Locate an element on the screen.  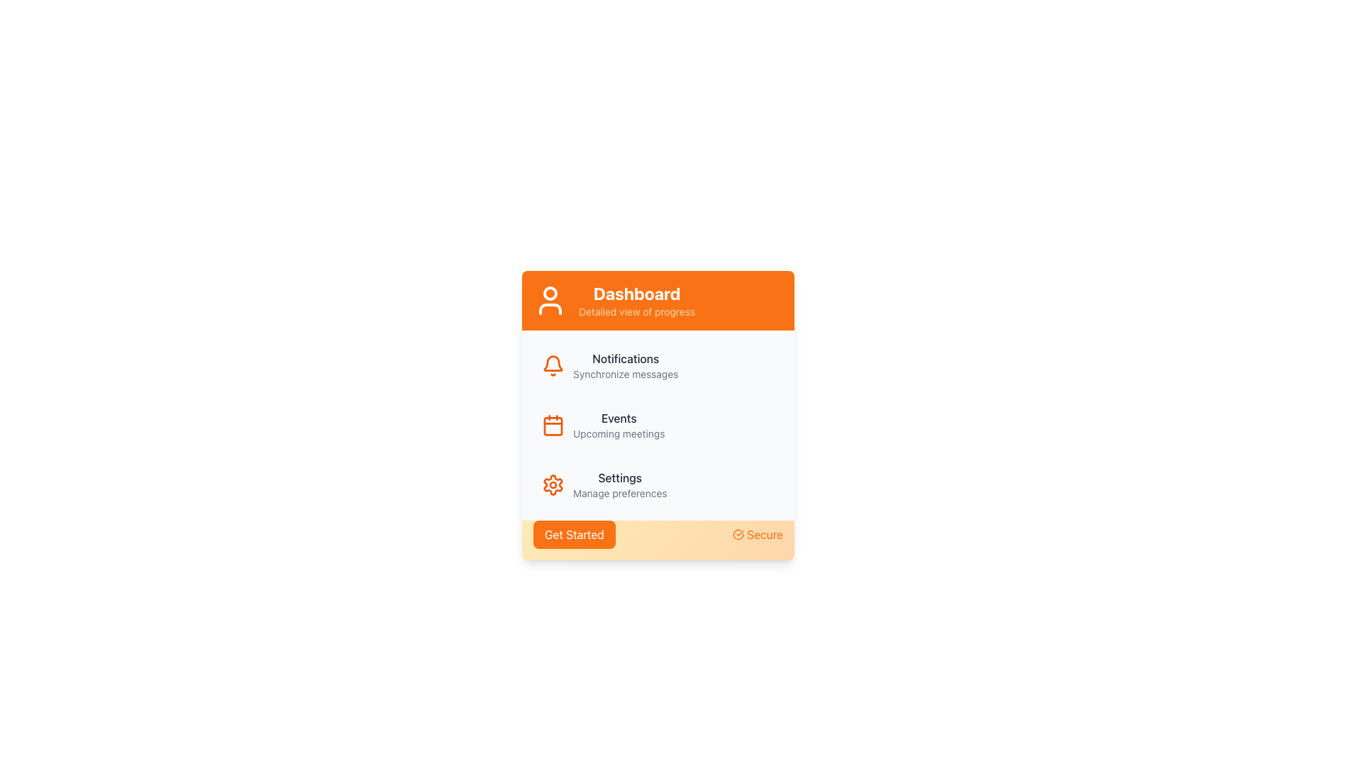
title 'Dashboard' and subtitle 'Detailed view of progress' from the Header area, which has an orange background and is located at the top of the panel is located at coordinates (657, 300).